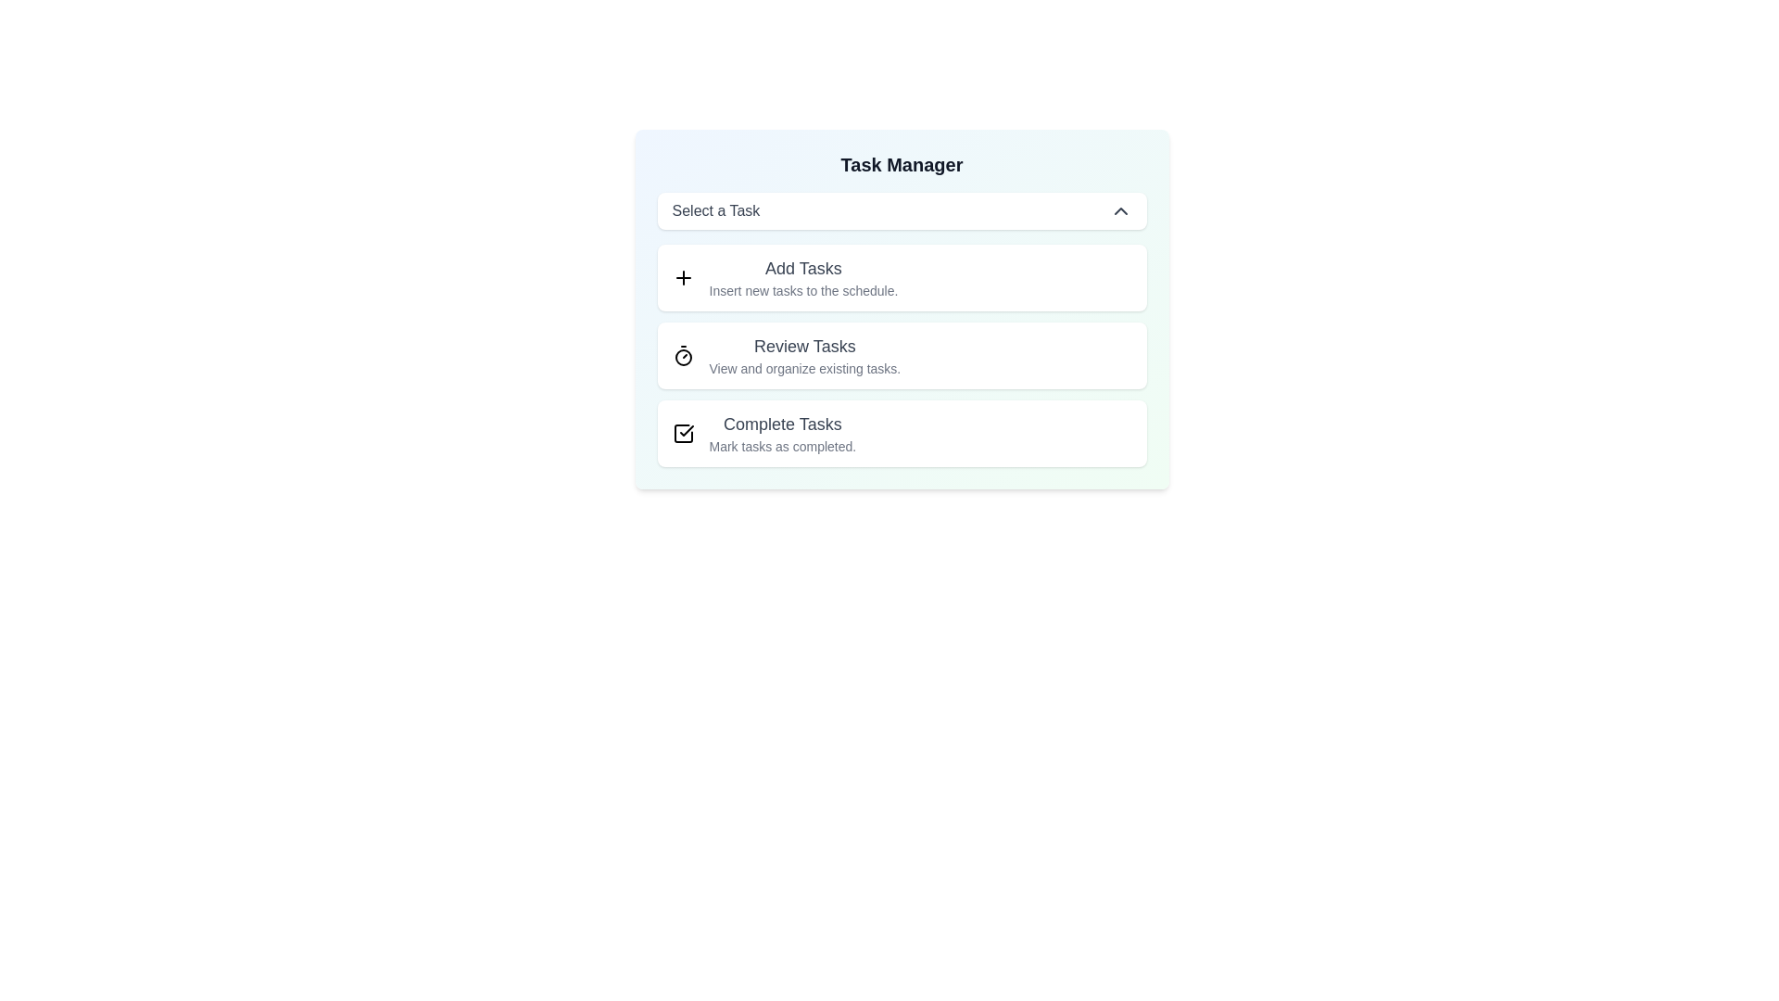  What do you see at coordinates (682, 433) in the screenshot?
I see `the option Complete Tasks from the dropdown list` at bounding box center [682, 433].